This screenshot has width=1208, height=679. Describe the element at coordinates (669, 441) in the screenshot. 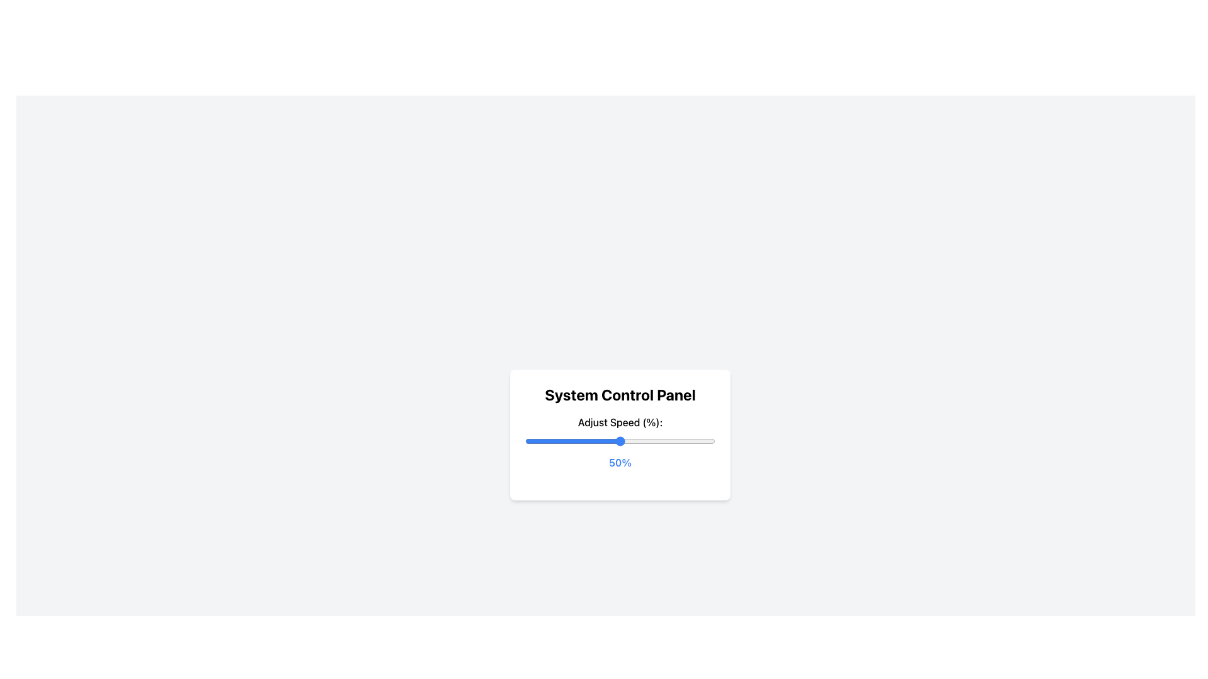

I see `the speed adjustment slider` at that location.